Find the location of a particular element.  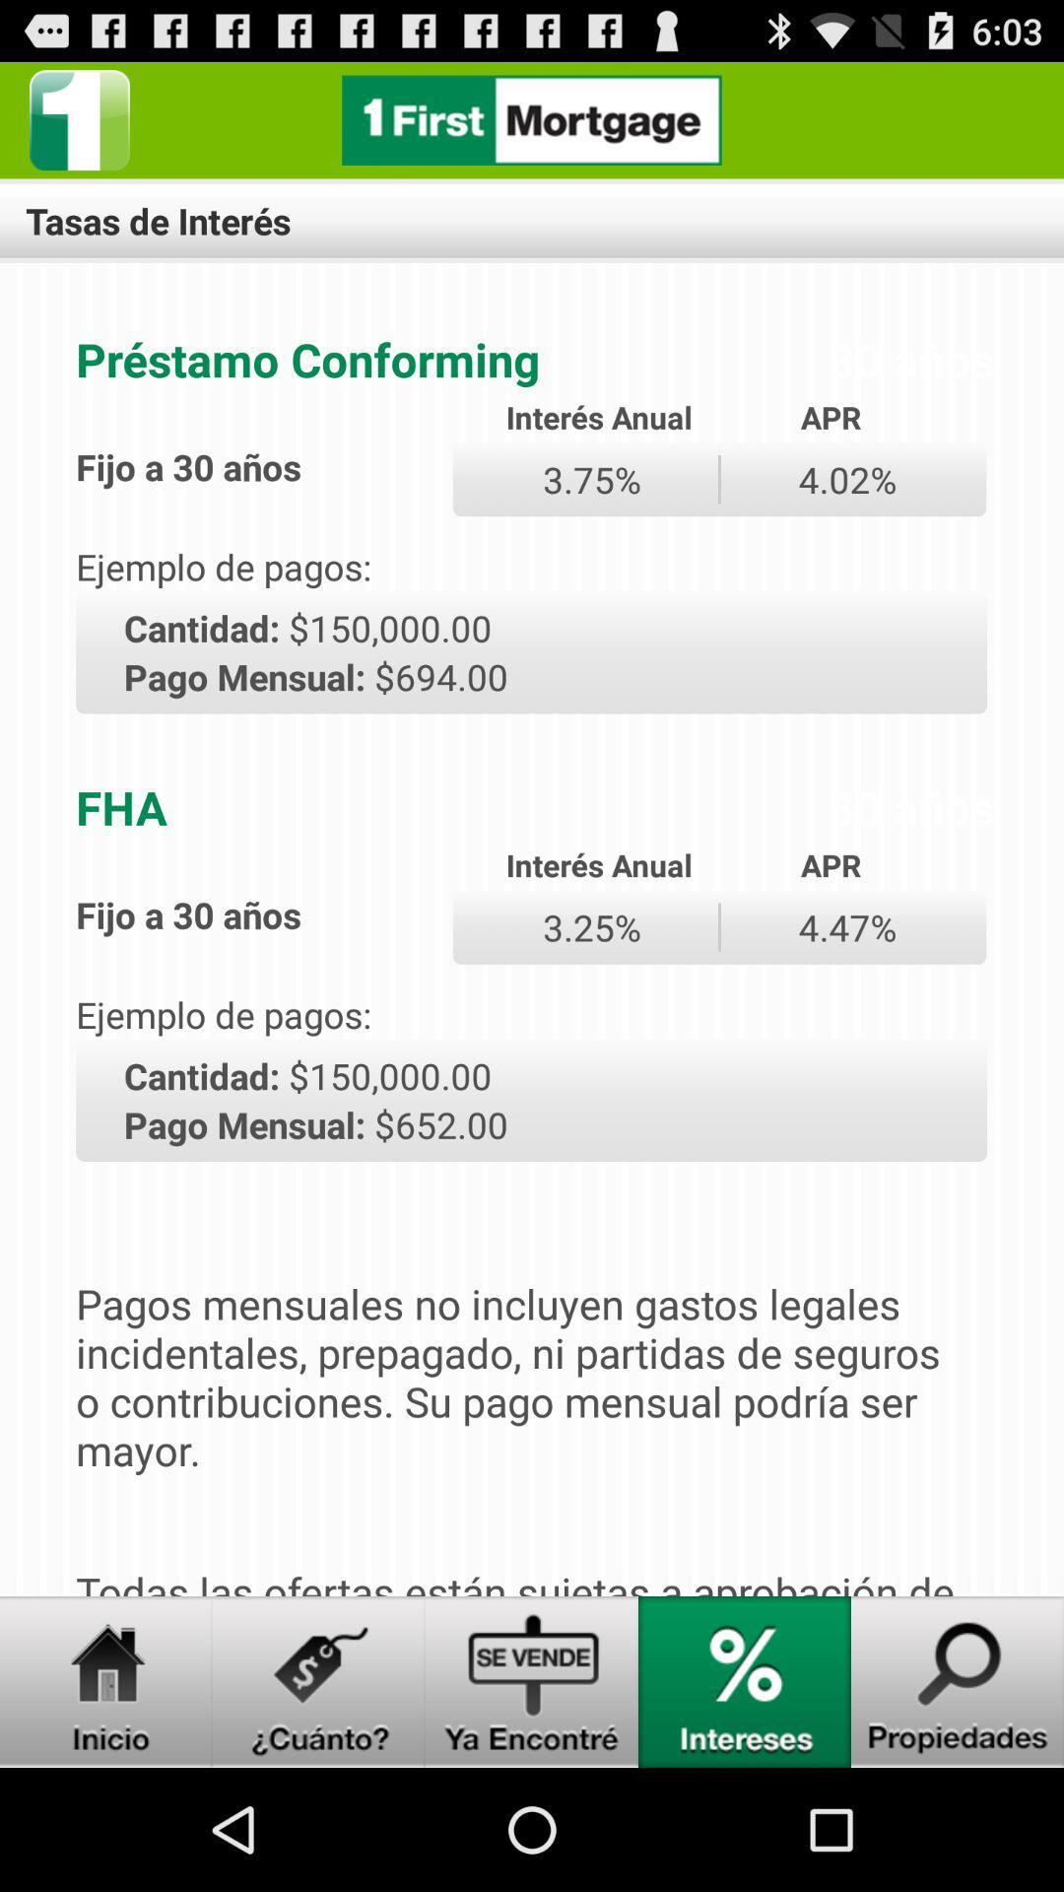

calculate interest is located at coordinates (745, 1681).